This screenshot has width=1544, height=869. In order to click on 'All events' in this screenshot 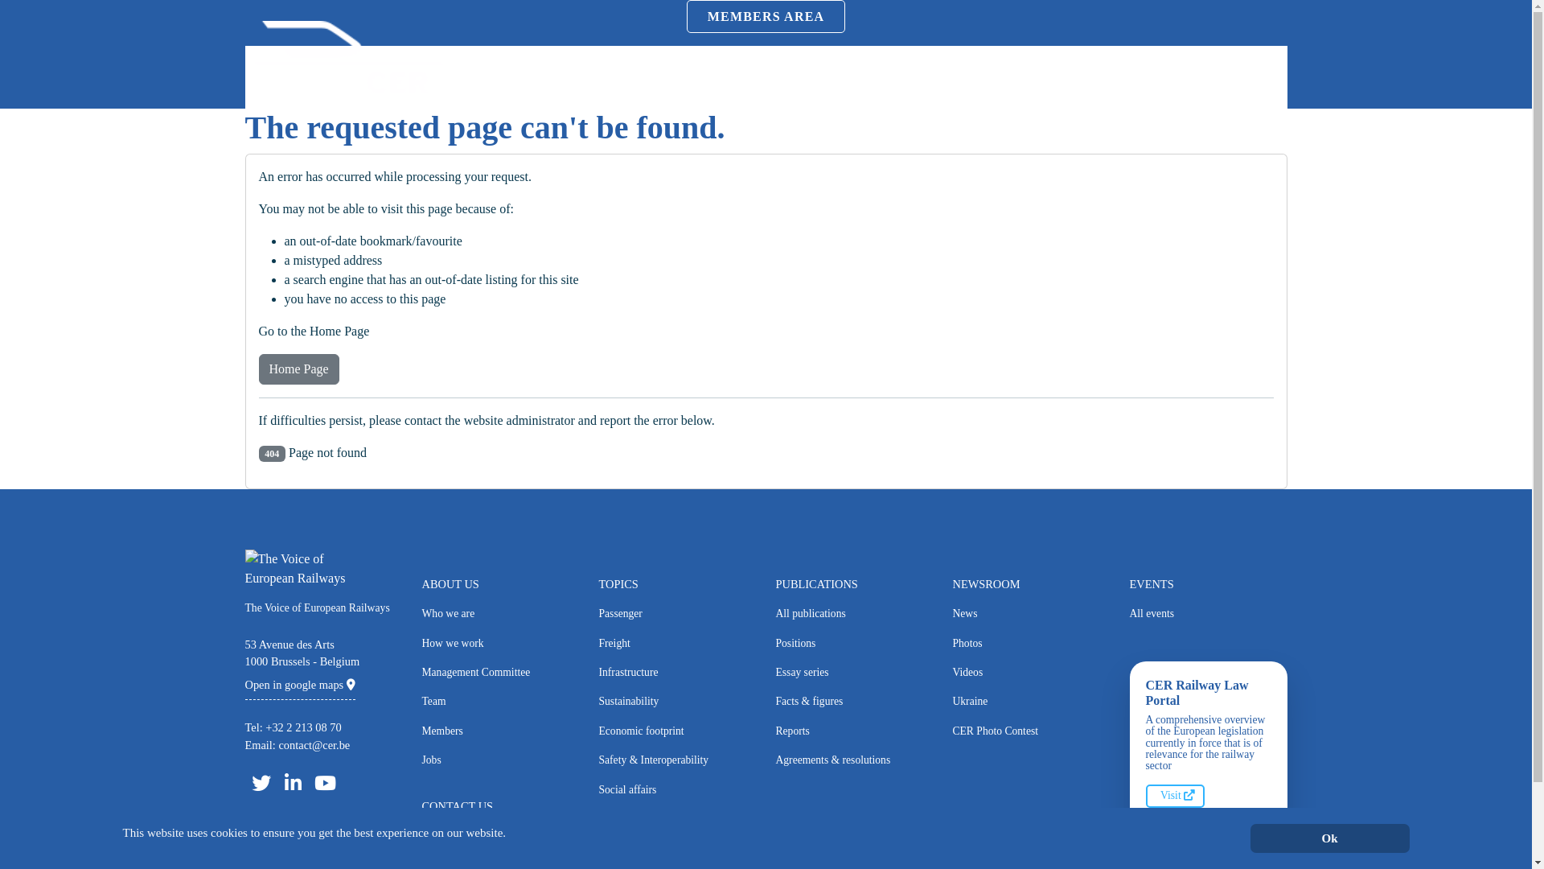, I will do `click(1208, 614)`.